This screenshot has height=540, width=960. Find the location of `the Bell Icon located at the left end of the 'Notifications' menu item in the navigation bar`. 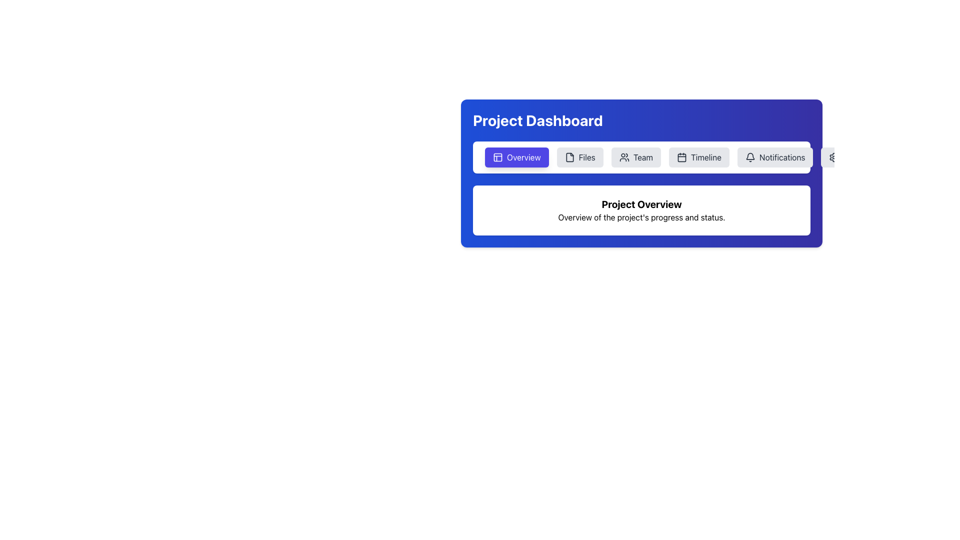

the Bell Icon located at the left end of the 'Notifications' menu item in the navigation bar is located at coordinates (750, 157).